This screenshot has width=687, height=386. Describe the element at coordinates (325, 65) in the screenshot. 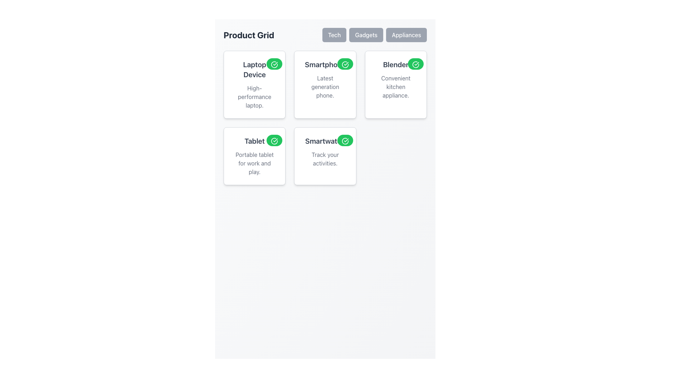

I see `product title text label located at the top of the second card in the first row of the grid layout` at that location.